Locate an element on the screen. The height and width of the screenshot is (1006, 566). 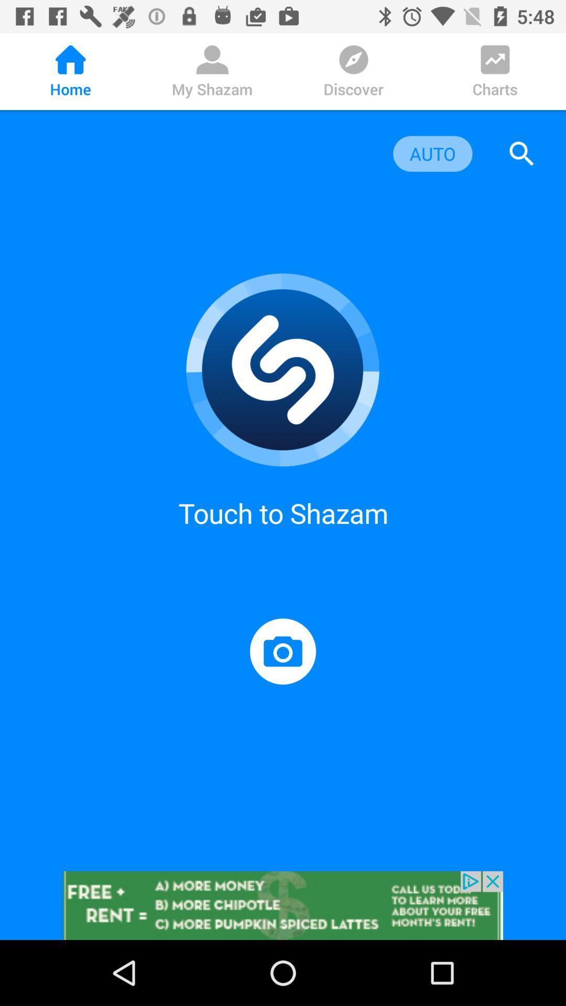
open advertisement is located at coordinates (283, 905).